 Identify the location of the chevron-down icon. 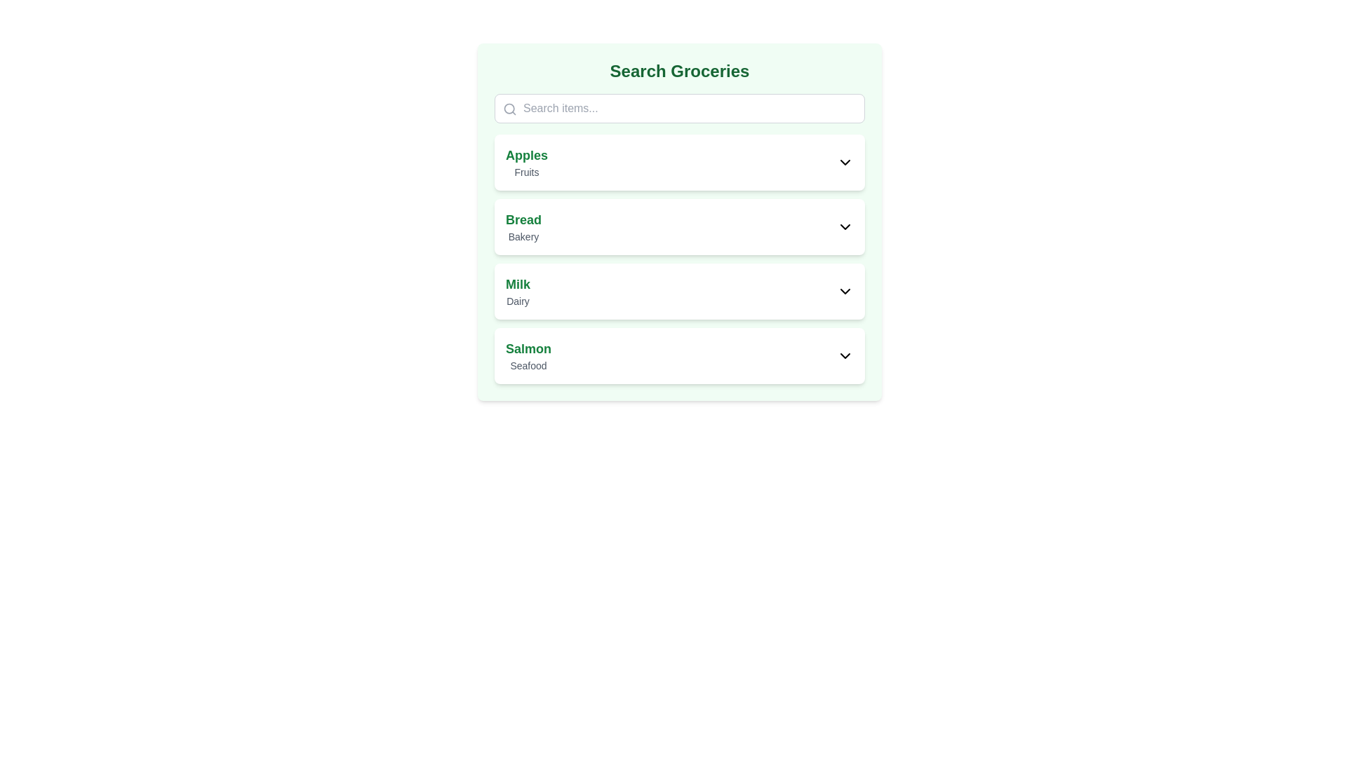
(844, 291).